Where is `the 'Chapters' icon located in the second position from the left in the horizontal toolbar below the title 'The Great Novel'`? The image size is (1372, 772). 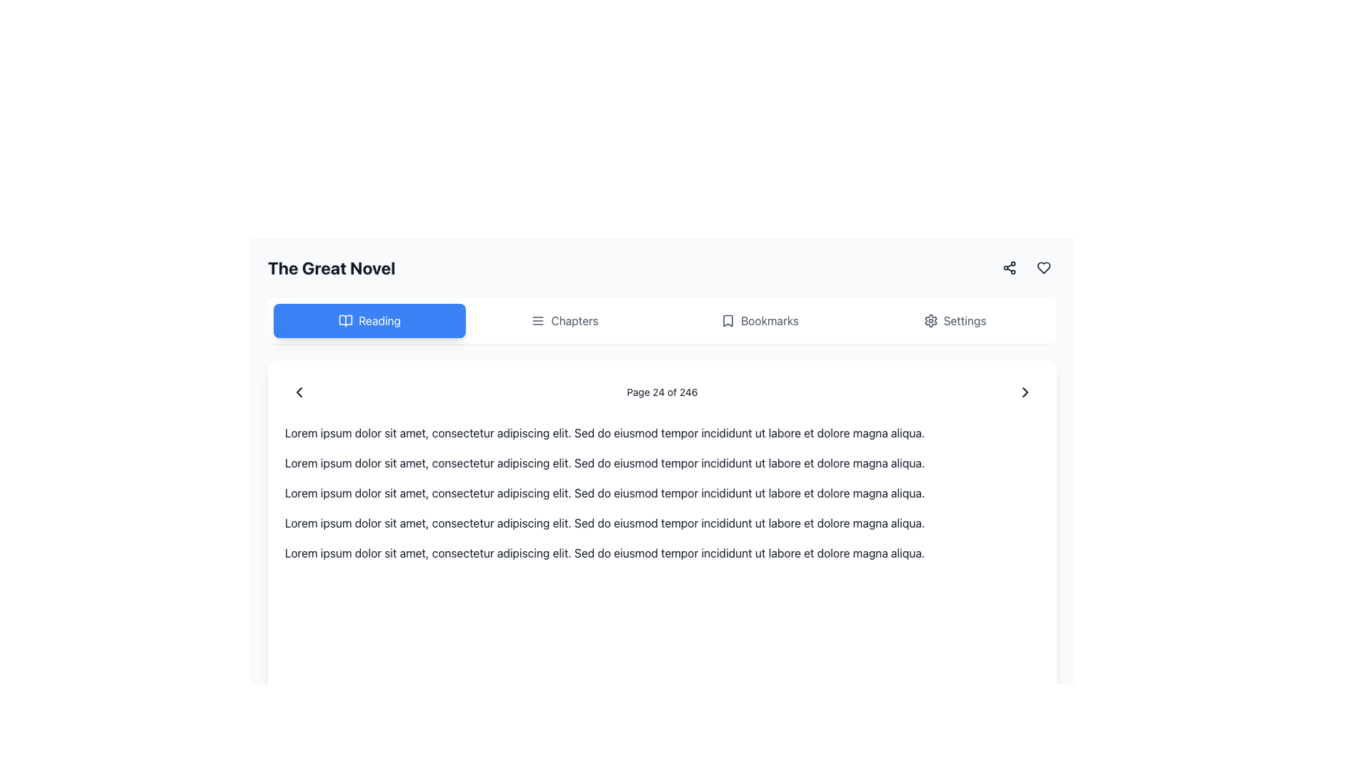
the 'Chapters' icon located in the second position from the left in the horizontal toolbar below the title 'The Great Novel' is located at coordinates (537, 320).